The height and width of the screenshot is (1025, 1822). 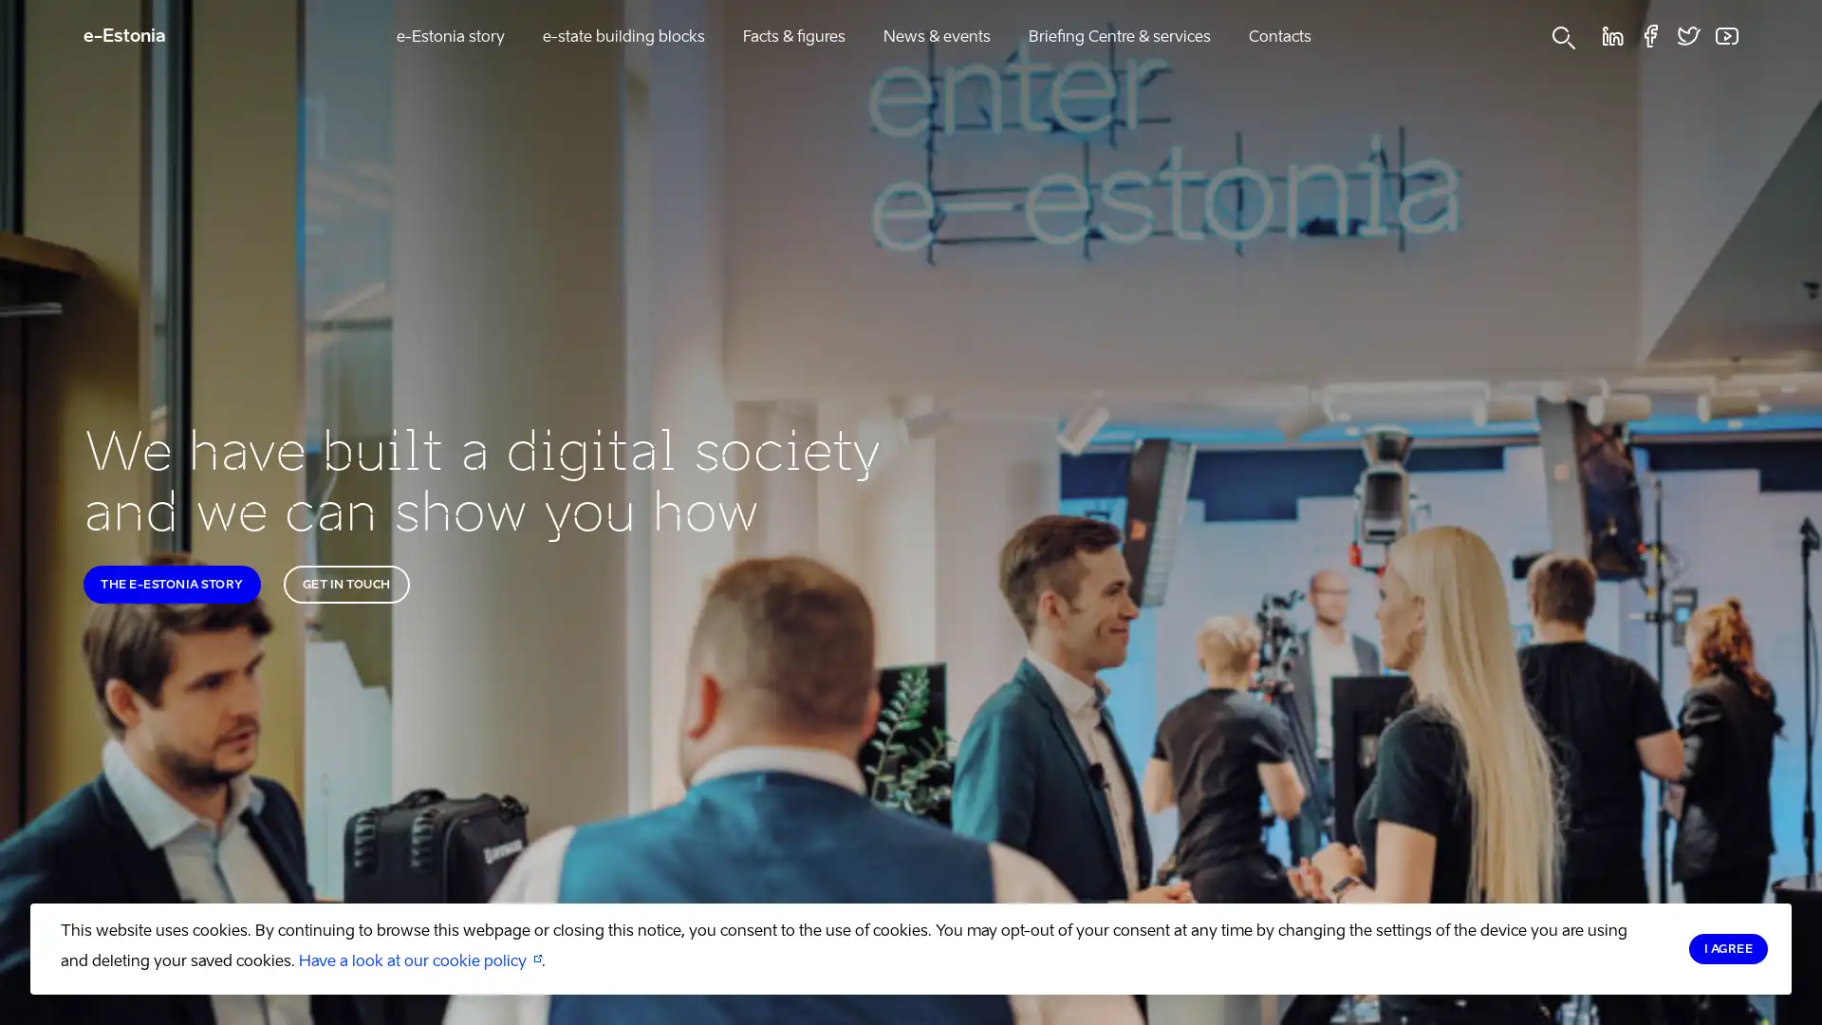 I want to click on I AGREE, so click(x=1727, y=948).